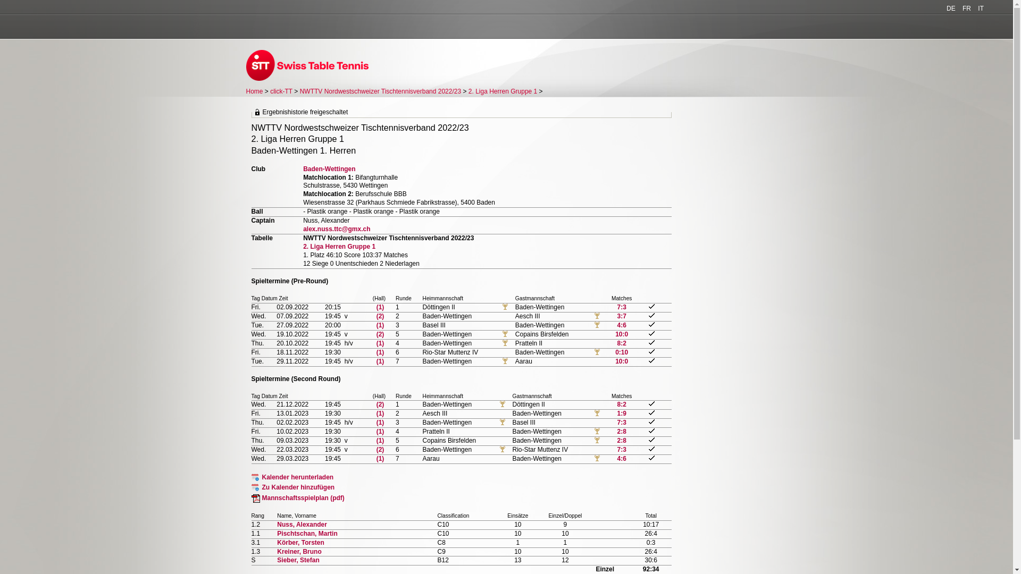 The width and height of the screenshot is (1021, 574). Describe the element at coordinates (303, 246) in the screenshot. I see `'2. Liga Herren Gruppe 1'` at that location.